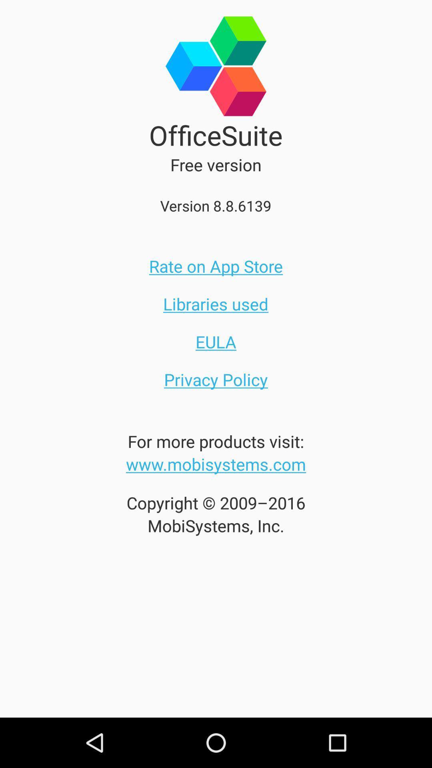 The image size is (432, 768). Describe the element at coordinates (216, 464) in the screenshot. I see `the website` at that location.